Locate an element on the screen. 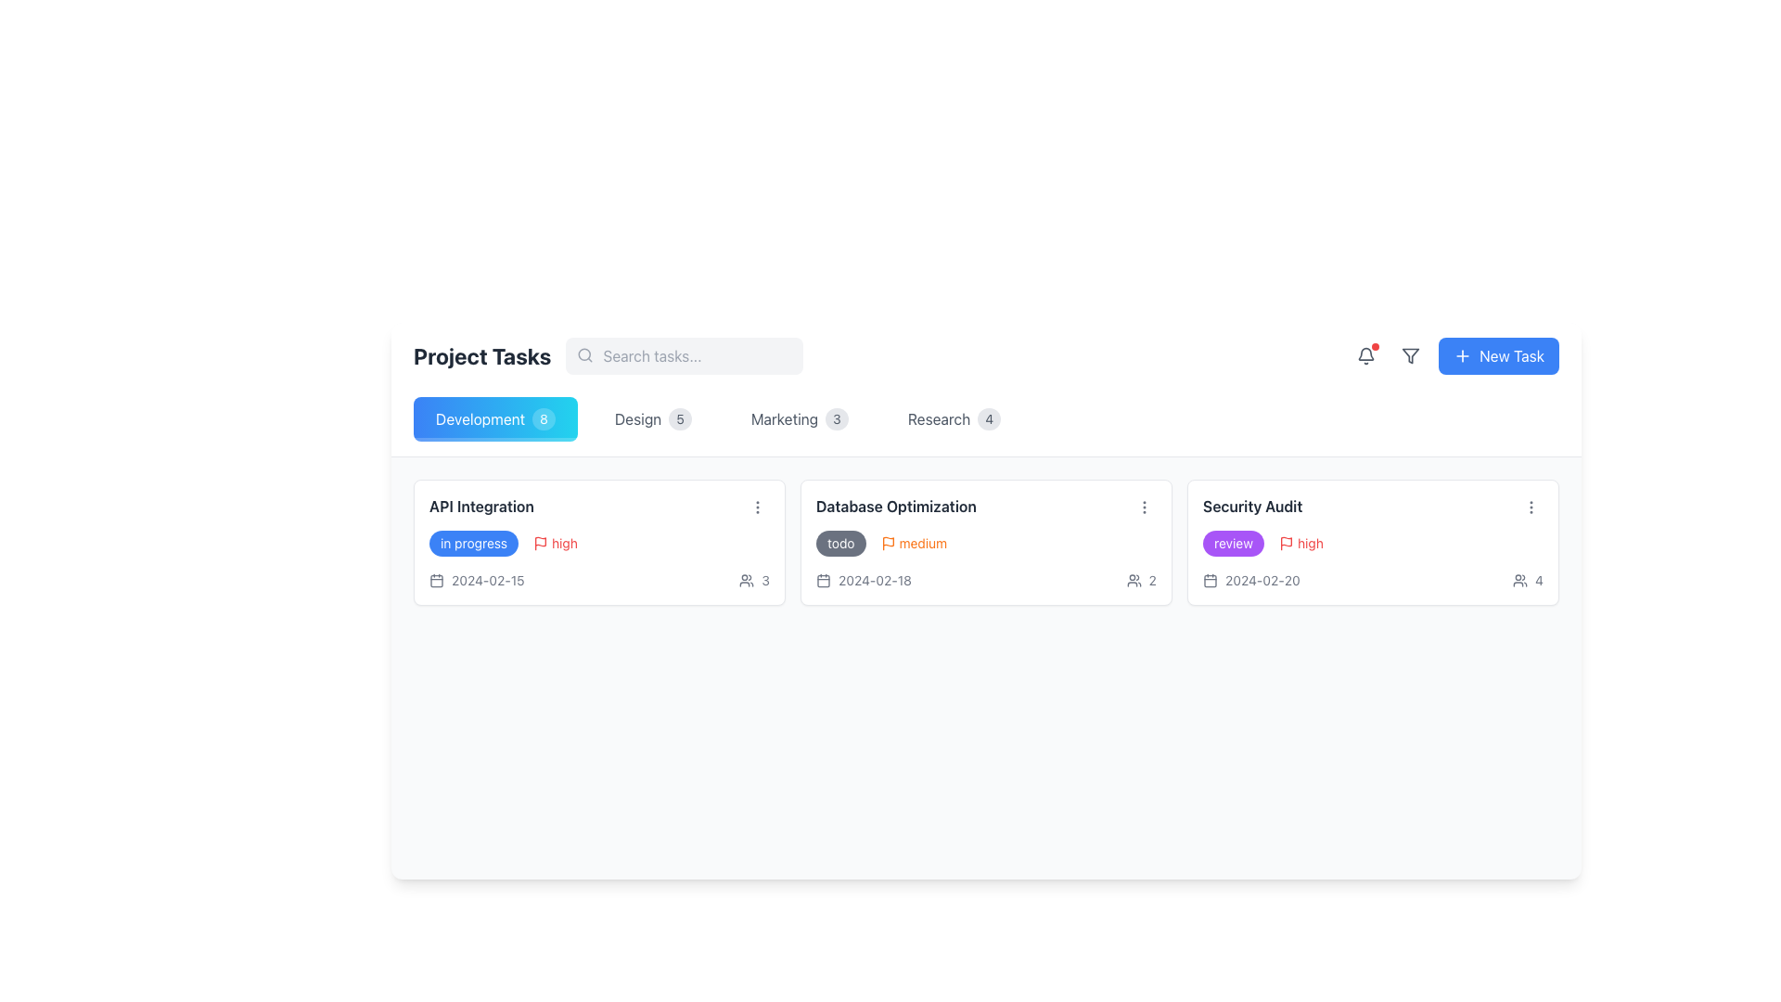 The width and height of the screenshot is (1781, 1002). the priority flag icon located to the left of the 'high' text label in the 'Security Audit' entry of the task list is located at coordinates (1286, 543).